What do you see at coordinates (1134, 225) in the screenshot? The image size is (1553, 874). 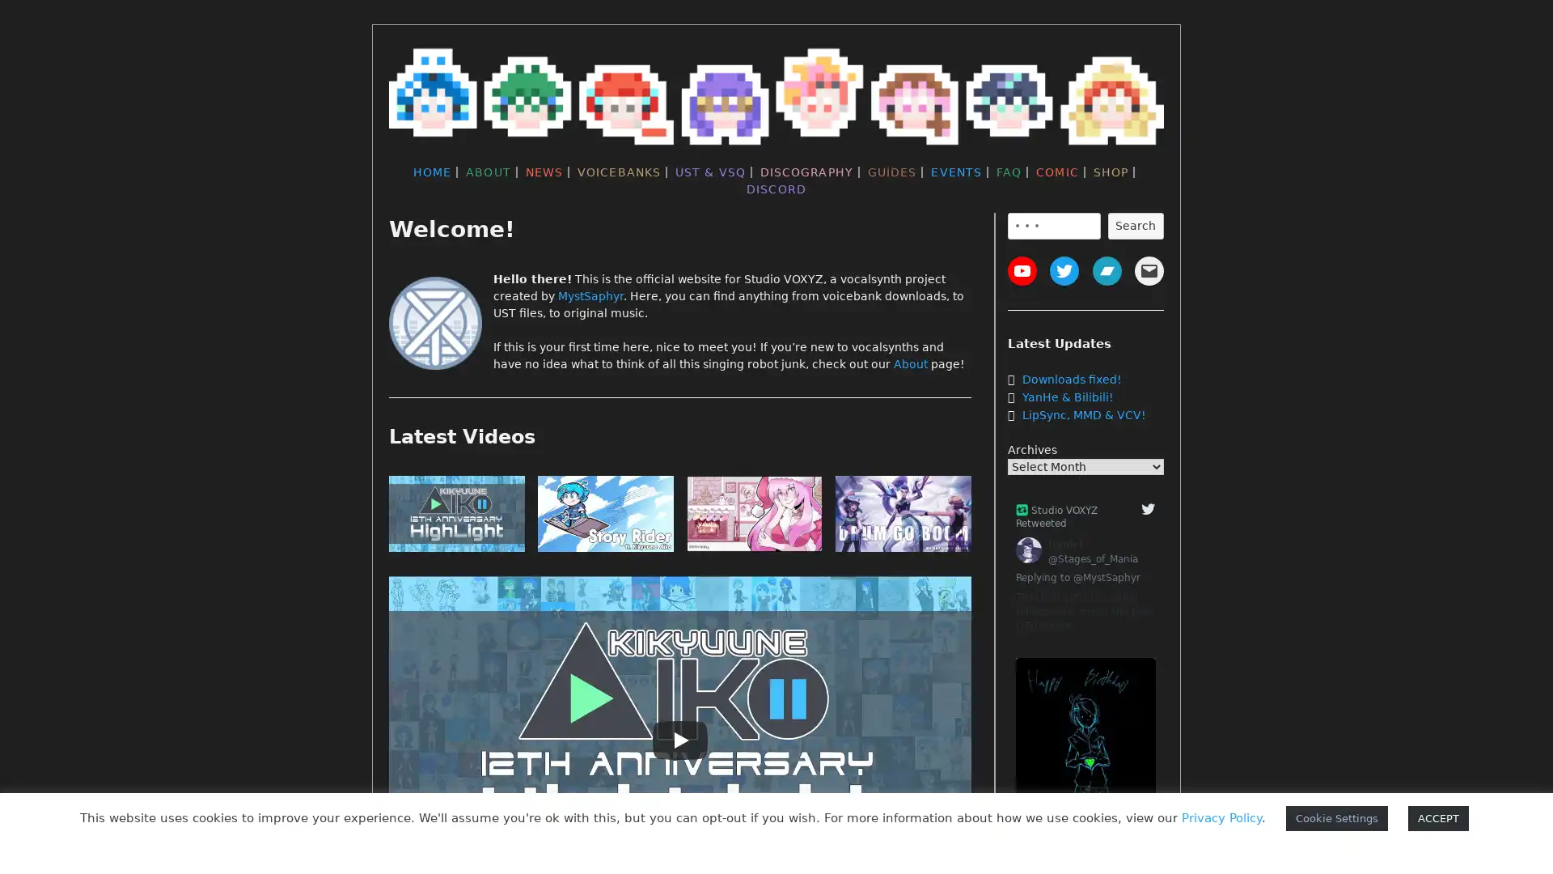 I see `Search` at bounding box center [1134, 225].